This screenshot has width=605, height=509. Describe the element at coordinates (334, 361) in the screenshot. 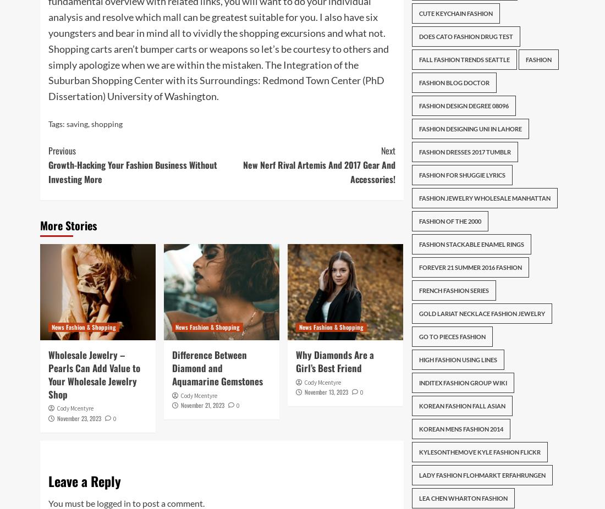

I see `'Why Diamonds Are a Girl’s Best Friend'` at that location.